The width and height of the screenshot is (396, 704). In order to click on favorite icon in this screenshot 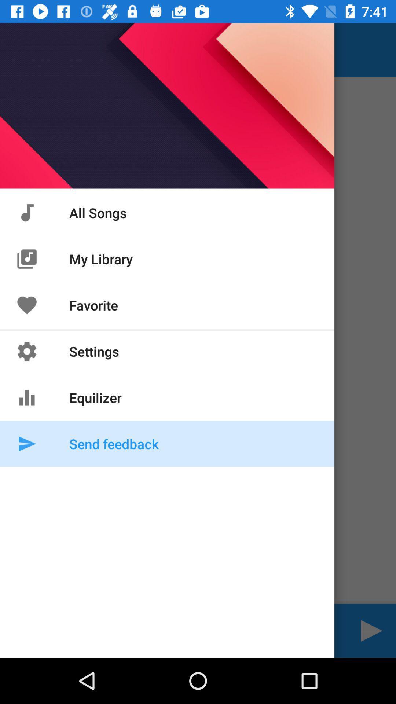, I will do `click(26, 305)`.